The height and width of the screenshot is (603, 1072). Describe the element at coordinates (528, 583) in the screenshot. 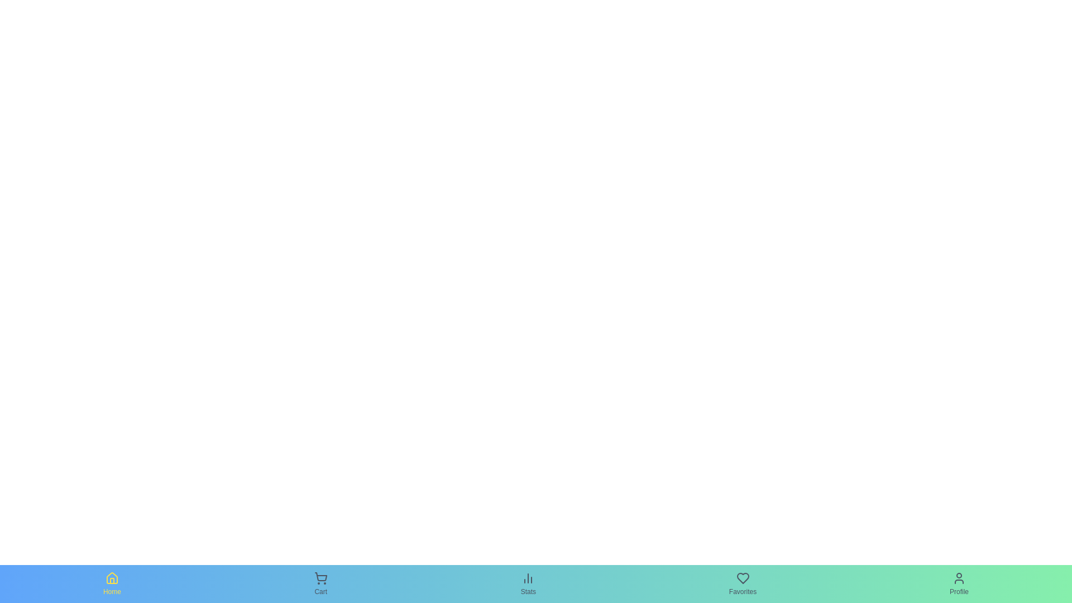

I see `the Stats tab in the bottom navigation bar` at that location.